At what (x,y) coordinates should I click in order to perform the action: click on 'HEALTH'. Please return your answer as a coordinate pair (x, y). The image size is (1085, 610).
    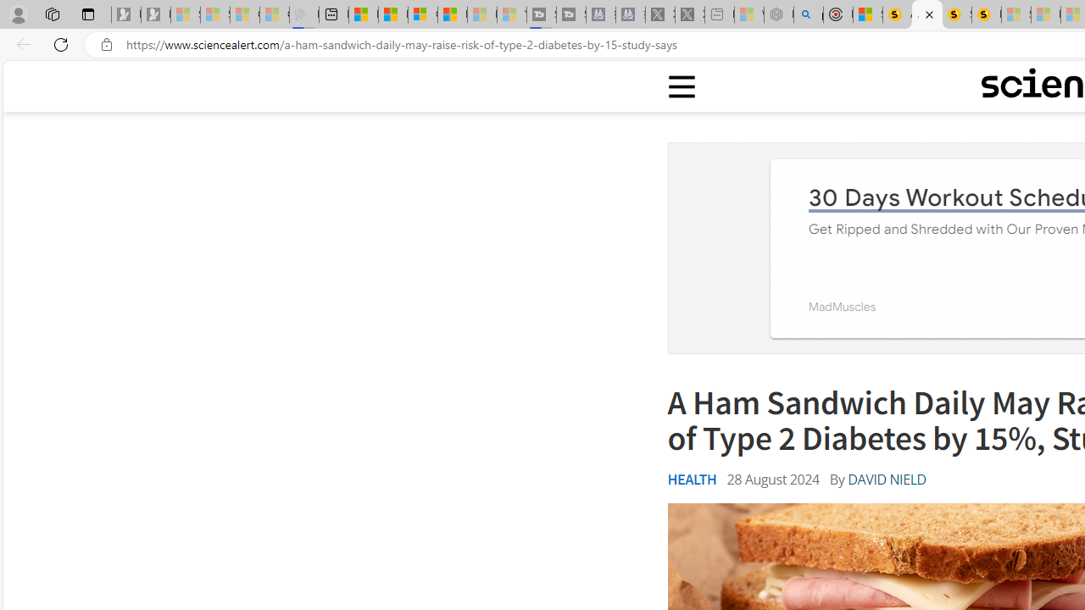
    Looking at the image, I should click on (692, 479).